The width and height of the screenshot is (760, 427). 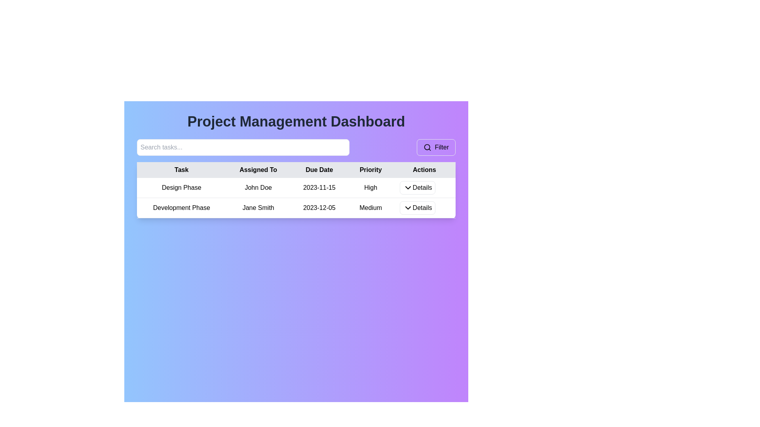 What do you see at coordinates (424, 207) in the screenshot?
I see `the button in the second row of the 'Actions' column` at bounding box center [424, 207].